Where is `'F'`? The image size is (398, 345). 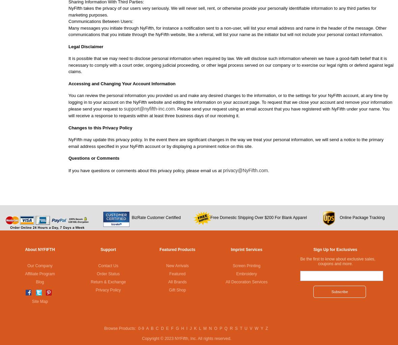
'F' is located at coordinates (172, 328).